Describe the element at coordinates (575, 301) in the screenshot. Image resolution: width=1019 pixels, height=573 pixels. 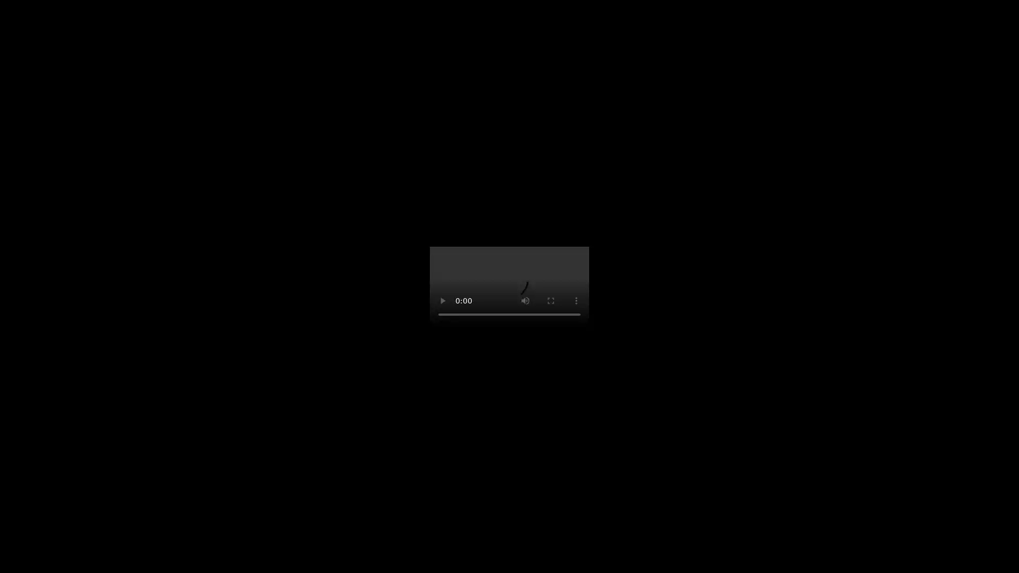
I see `show more media controls` at that location.